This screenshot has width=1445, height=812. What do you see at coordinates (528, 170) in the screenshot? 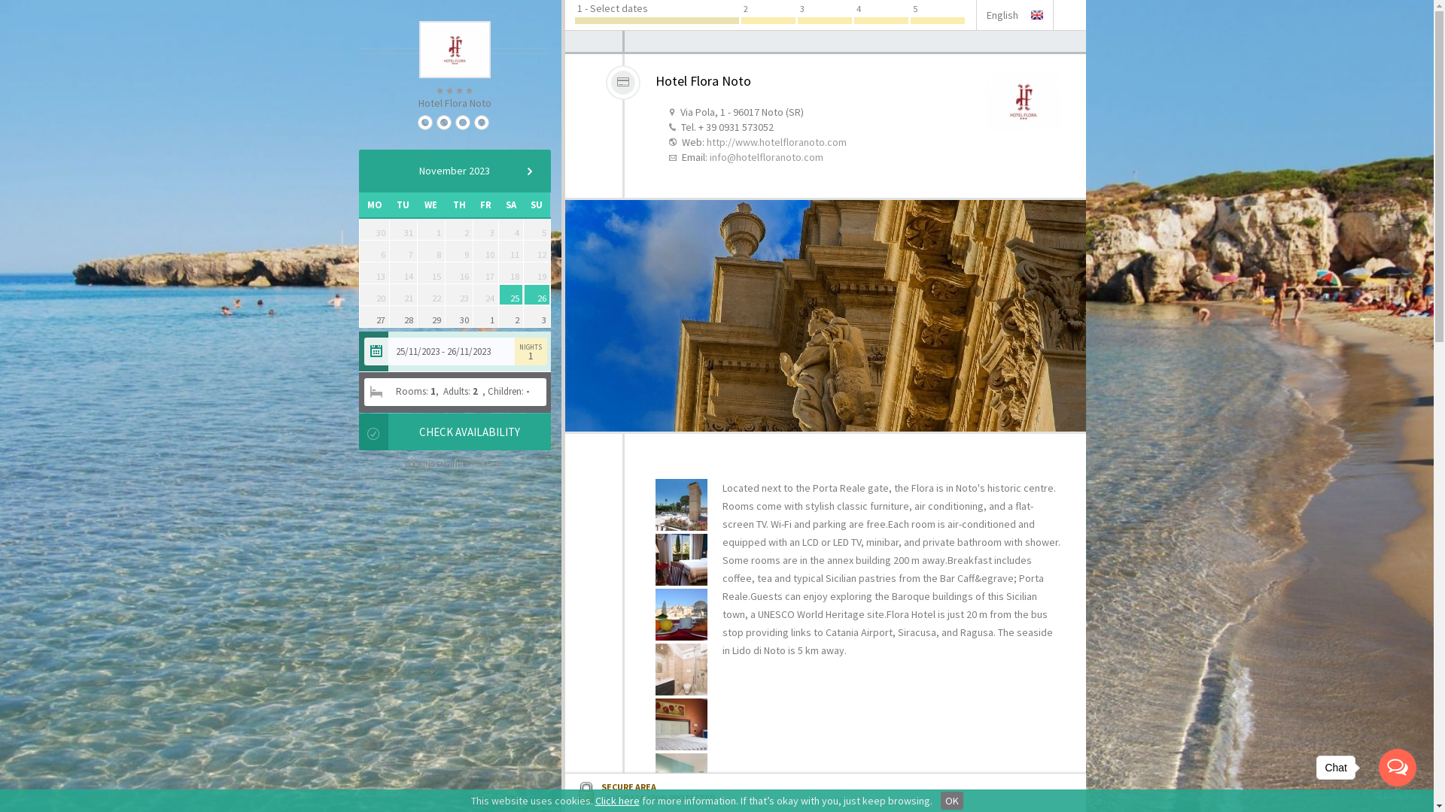
I see `'Next'` at bounding box center [528, 170].